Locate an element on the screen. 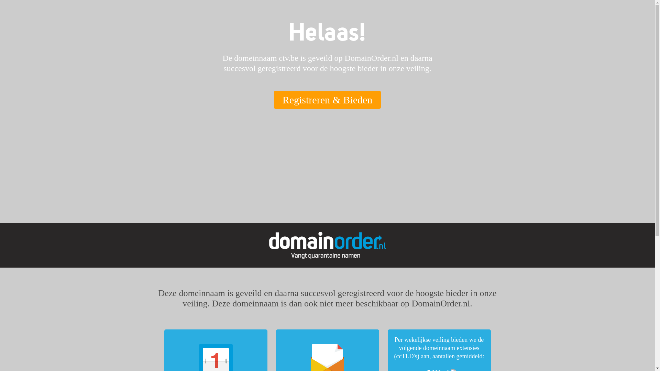 The height and width of the screenshot is (371, 660). 'Registreren & Bieden' is located at coordinates (327, 98).